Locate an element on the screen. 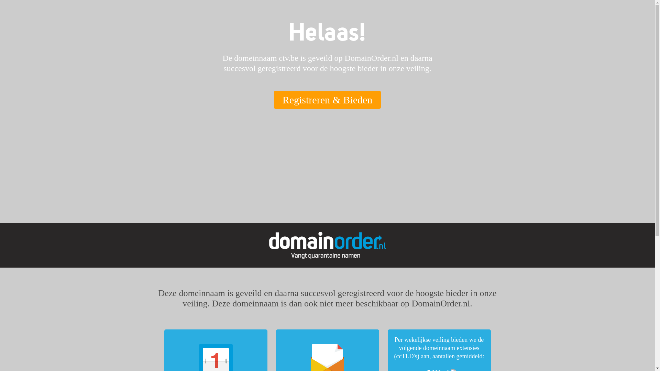 The height and width of the screenshot is (371, 660). 'Registreren & Bieden' is located at coordinates (327, 98).